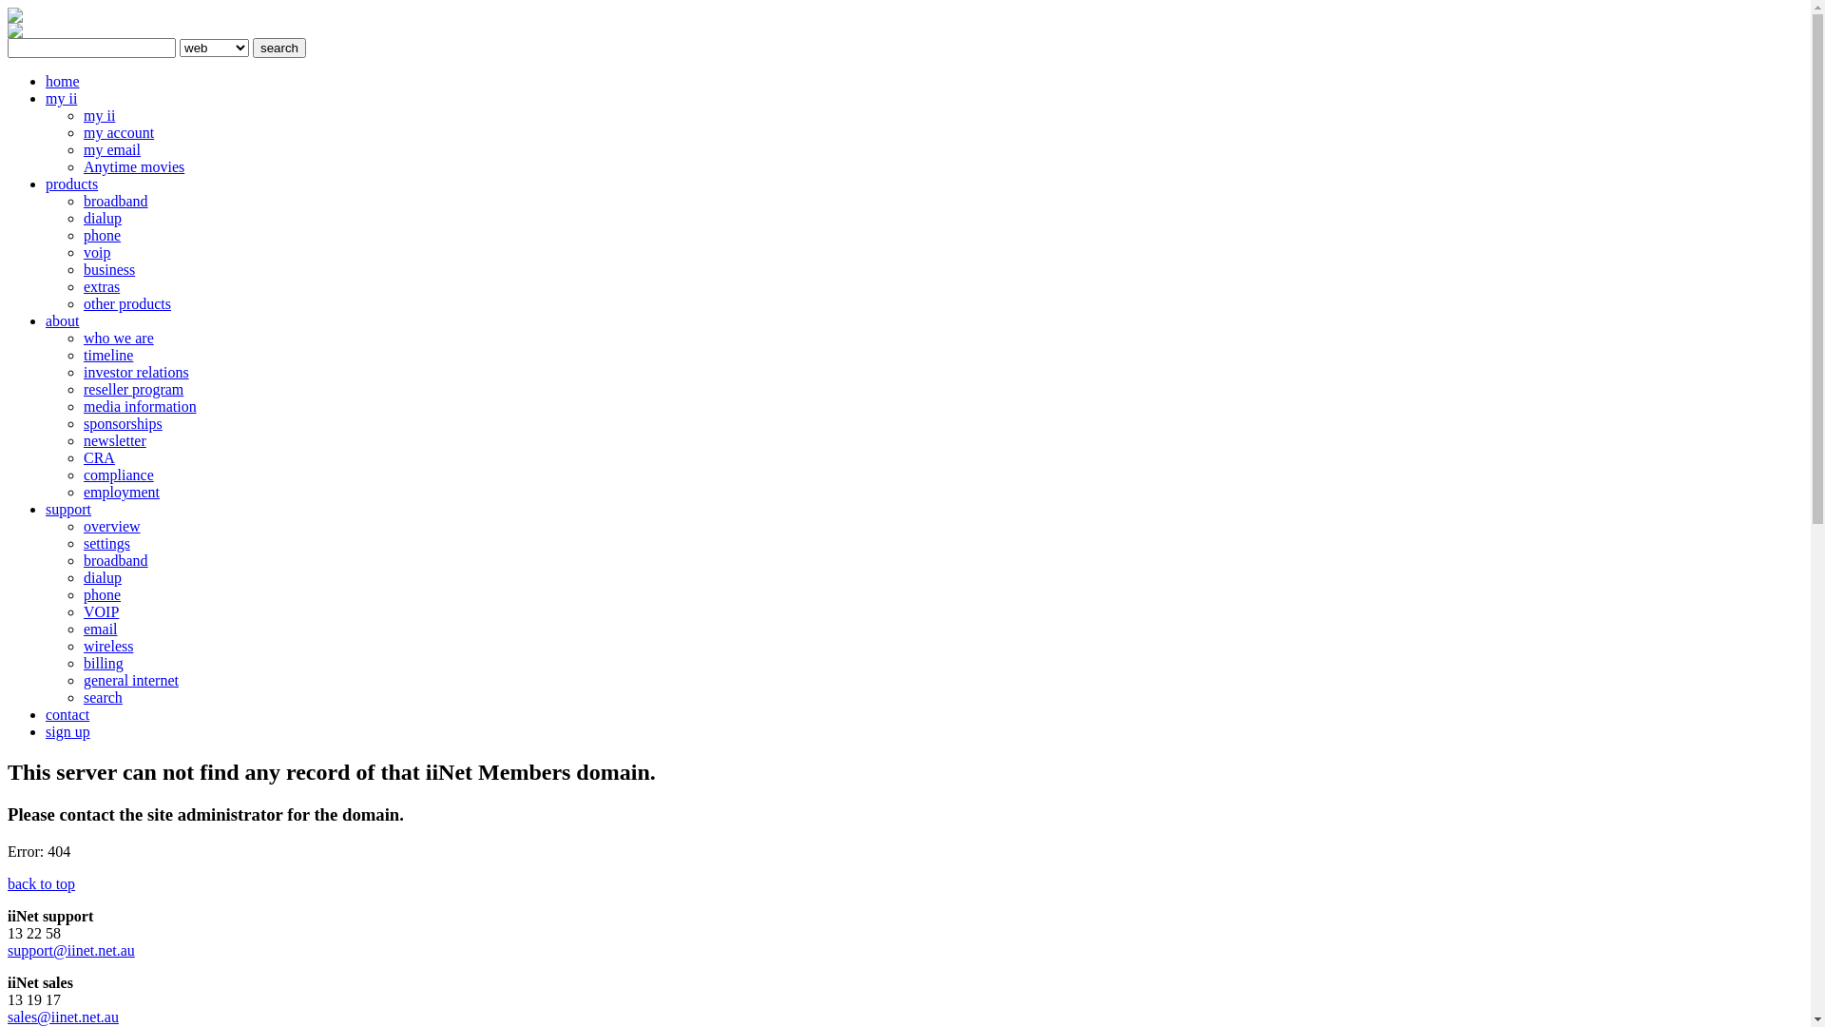 Image resolution: width=1825 pixels, height=1027 pixels. I want to click on 'voip', so click(82, 251).